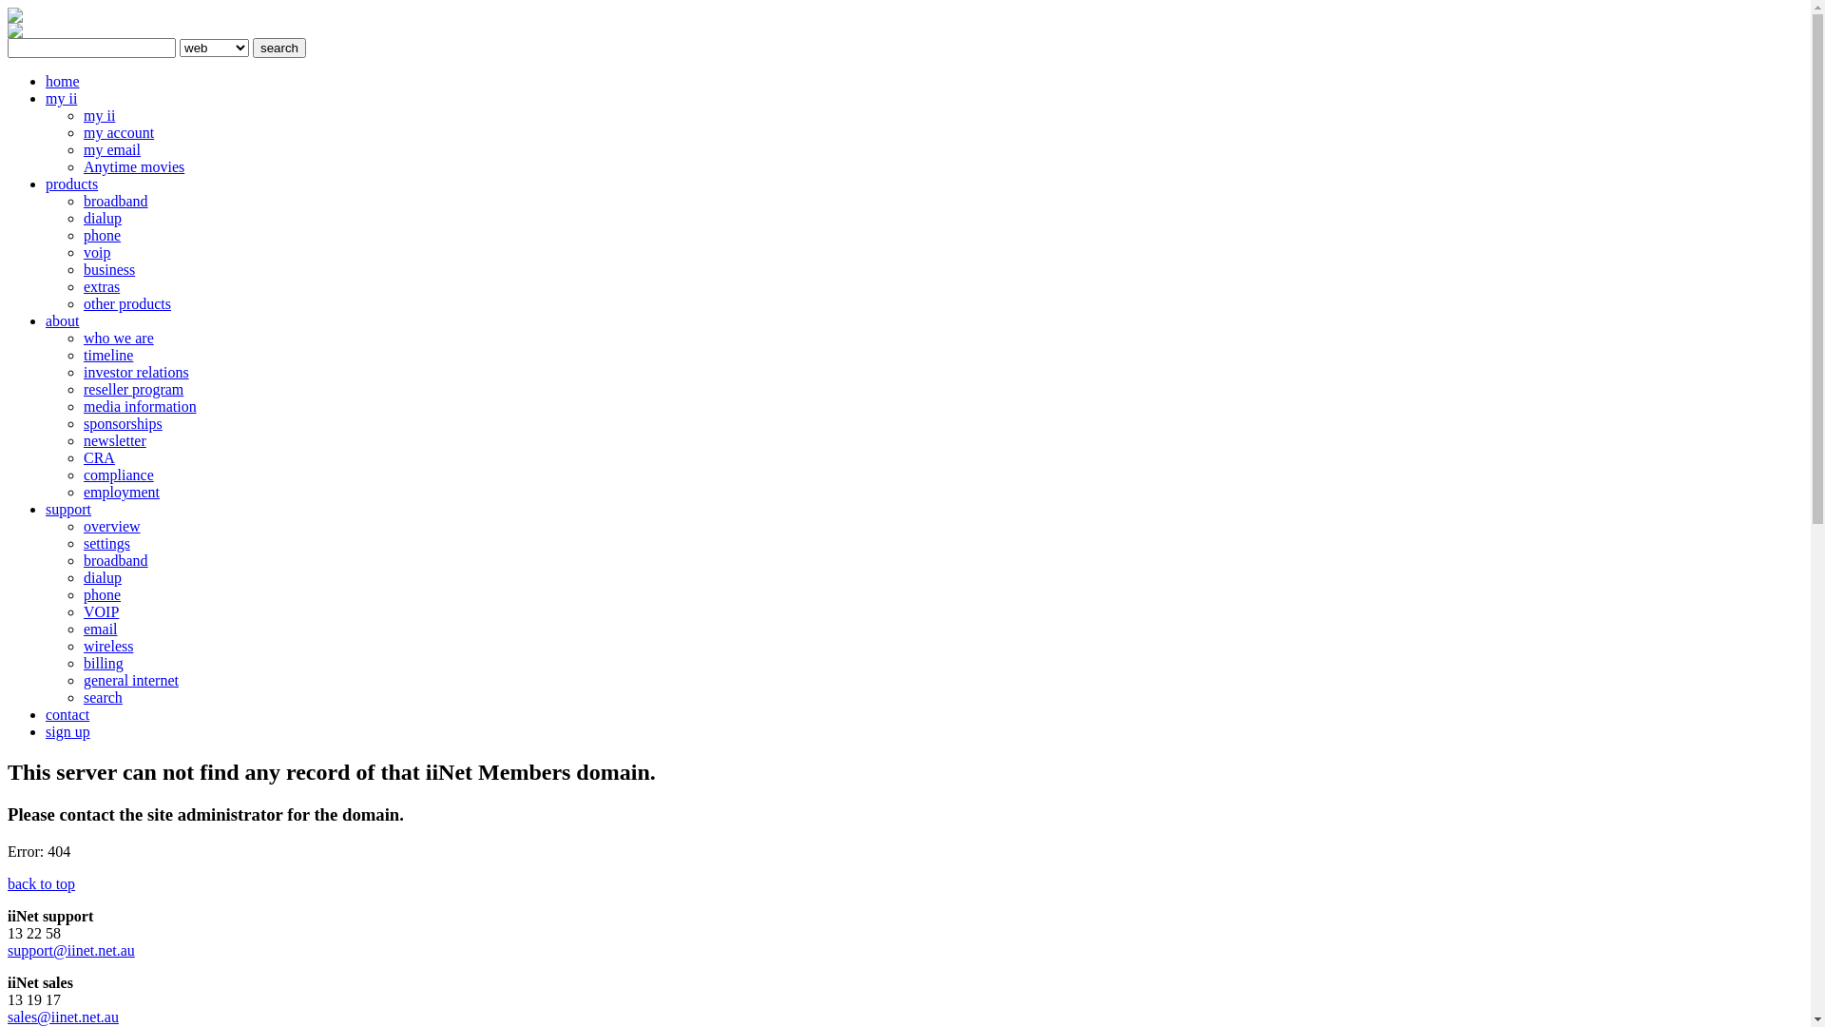 Image resolution: width=1825 pixels, height=1027 pixels. I want to click on 'voip', so click(82, 251).